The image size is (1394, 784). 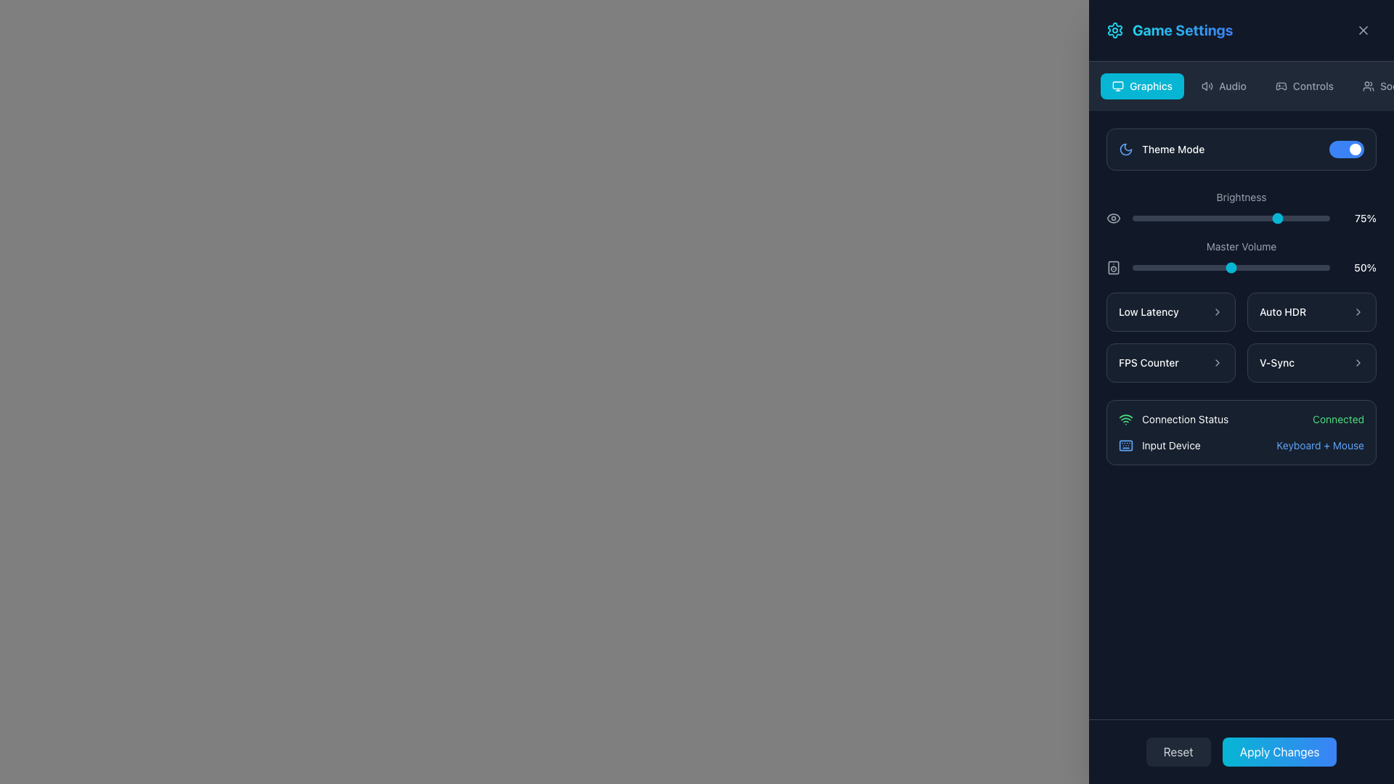 I want to click on the state of the small gray chevron-right arrow icon located to the right of the 'Auto HDR' text within the button group on the 'Graphics' settings panel, so click(x=1358, y=311).